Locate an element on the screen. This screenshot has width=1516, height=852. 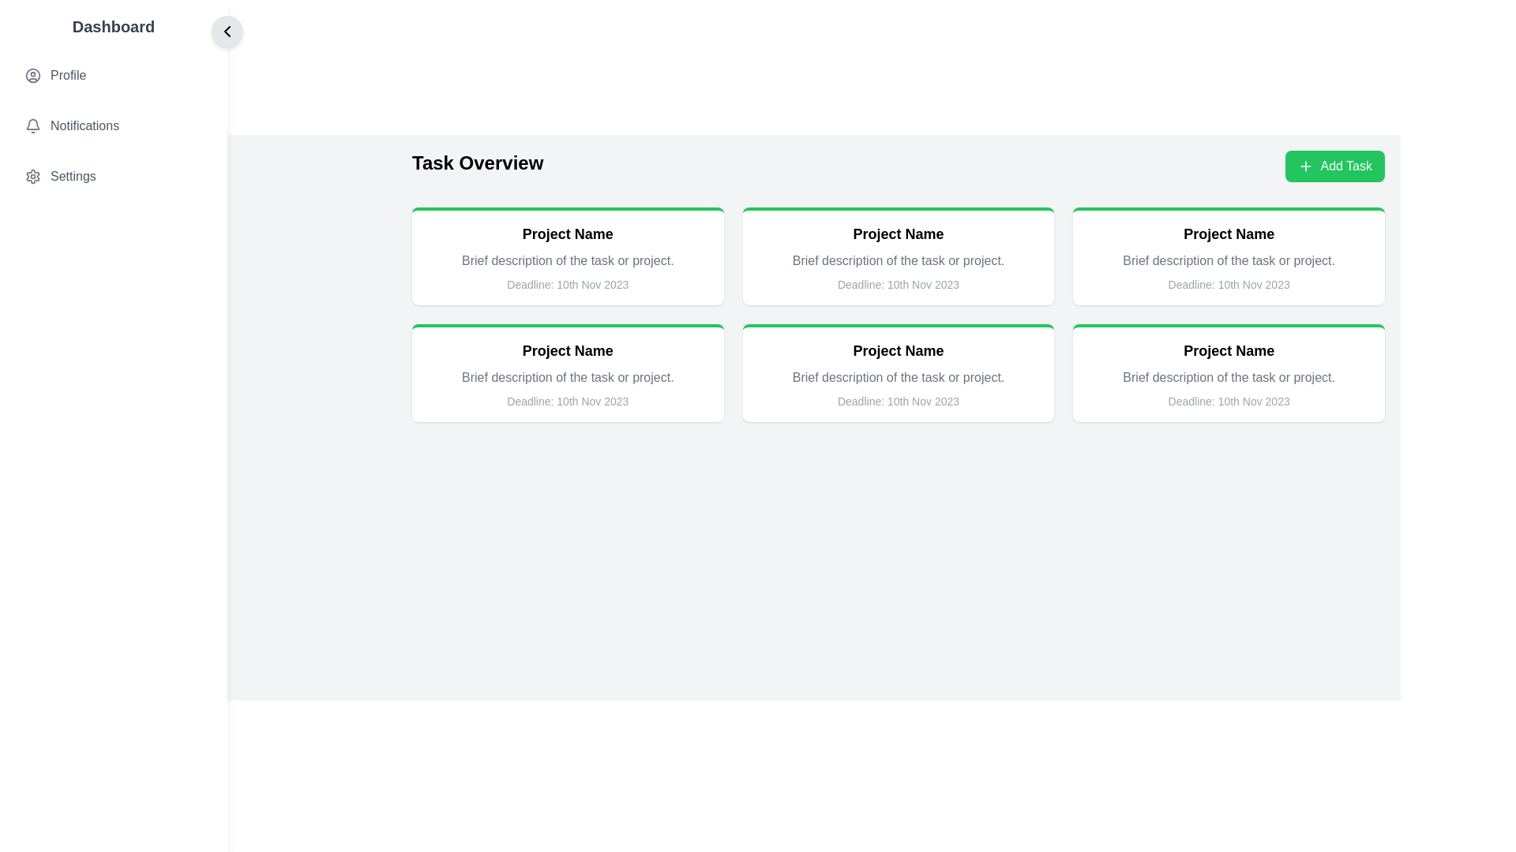
the Text label that provides a summary or short description of the corresponding task or project, located below the heading 'Project Name' in the bottom-right part of a grid layout is located at coordinates (898, 377).